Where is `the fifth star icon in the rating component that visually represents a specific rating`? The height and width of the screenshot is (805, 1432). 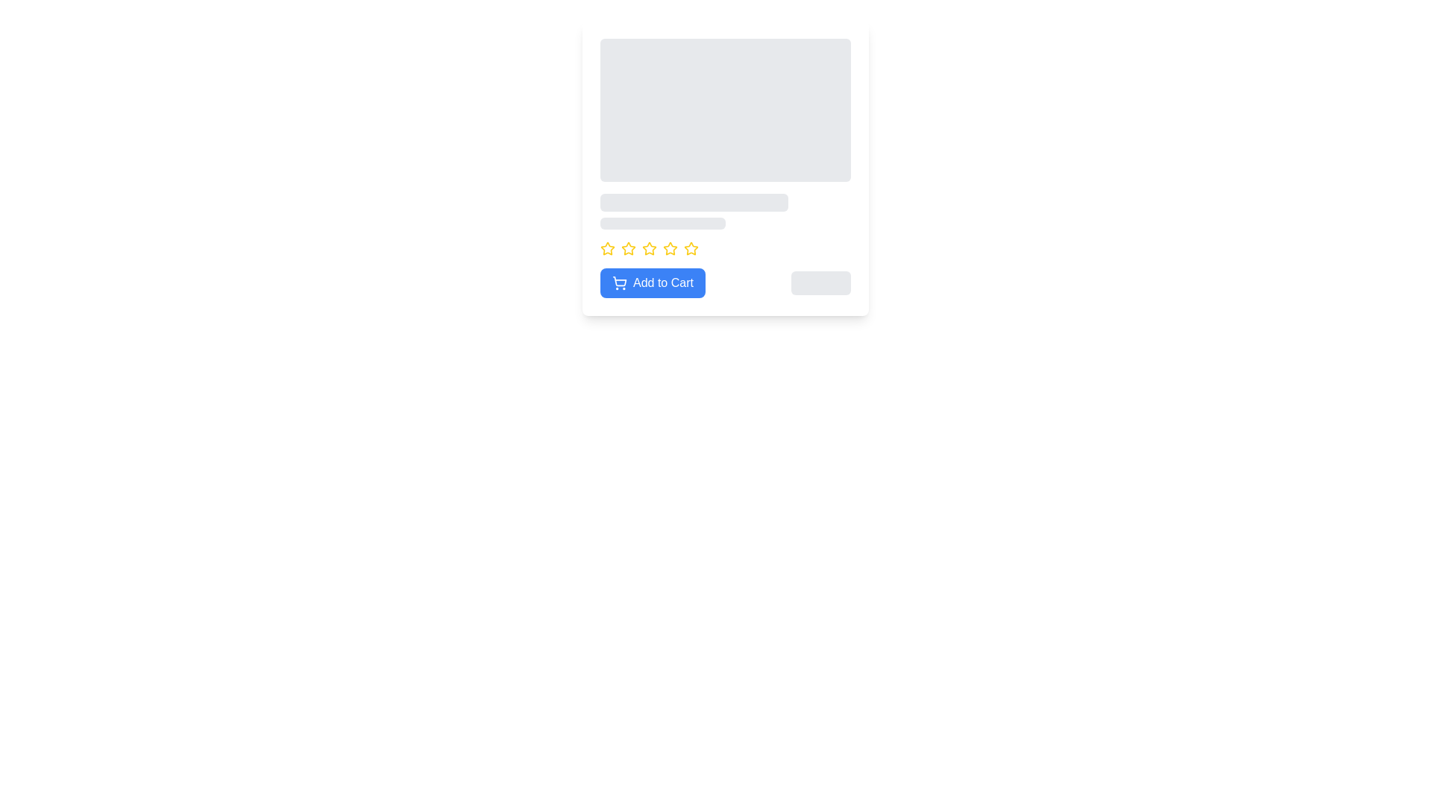 the fifth star icon in the rating component that visually represents a specific rating is located at coordinates (649, 248).